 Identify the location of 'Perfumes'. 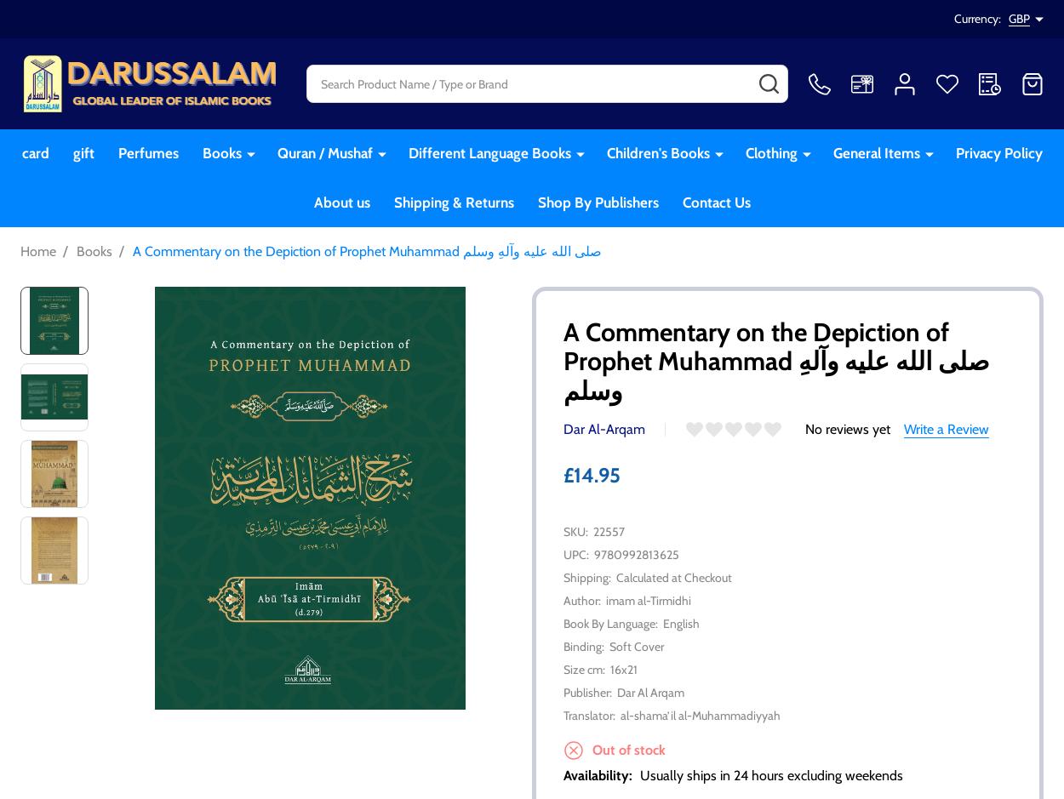
(147, 153).